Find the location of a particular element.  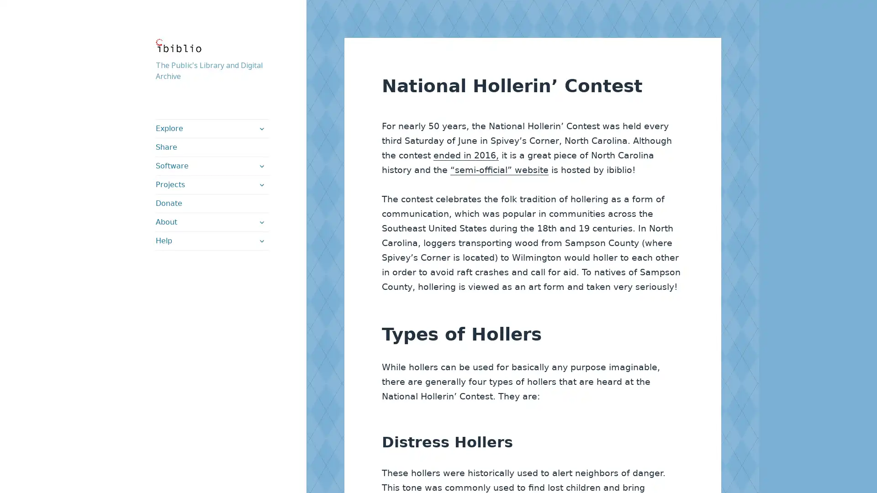

expand child menu is located at coordinates (260, 222).